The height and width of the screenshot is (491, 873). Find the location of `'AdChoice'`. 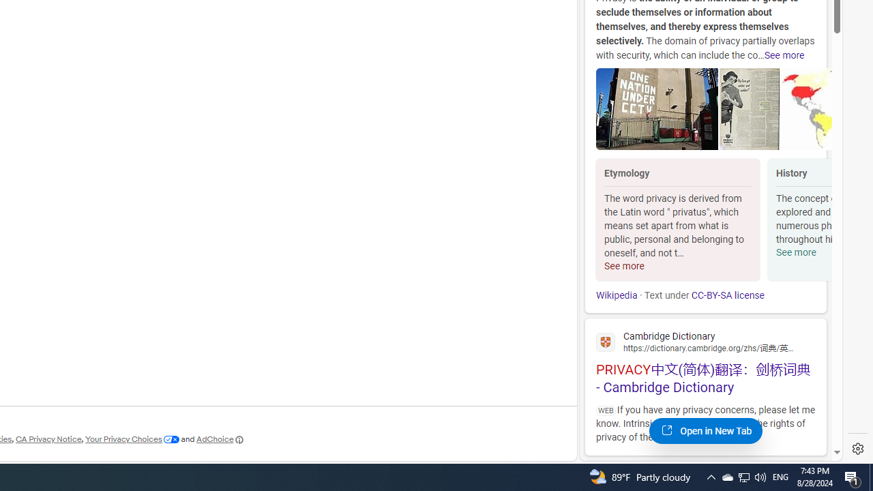

'AdChoice' is located at coordinates (220, 439).